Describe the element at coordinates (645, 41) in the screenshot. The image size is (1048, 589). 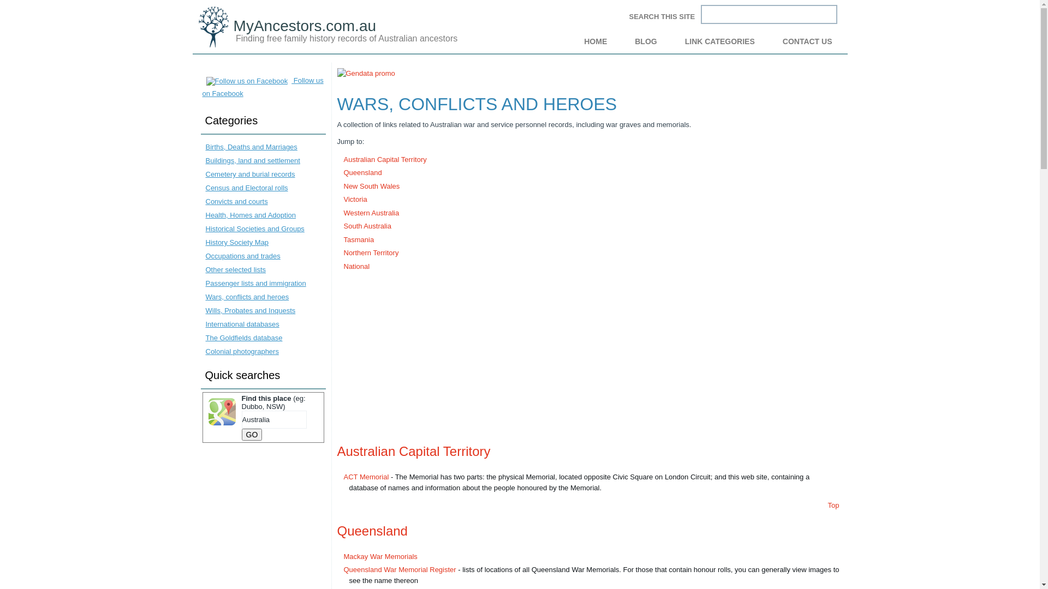
I see `'BLOG'` at that location.